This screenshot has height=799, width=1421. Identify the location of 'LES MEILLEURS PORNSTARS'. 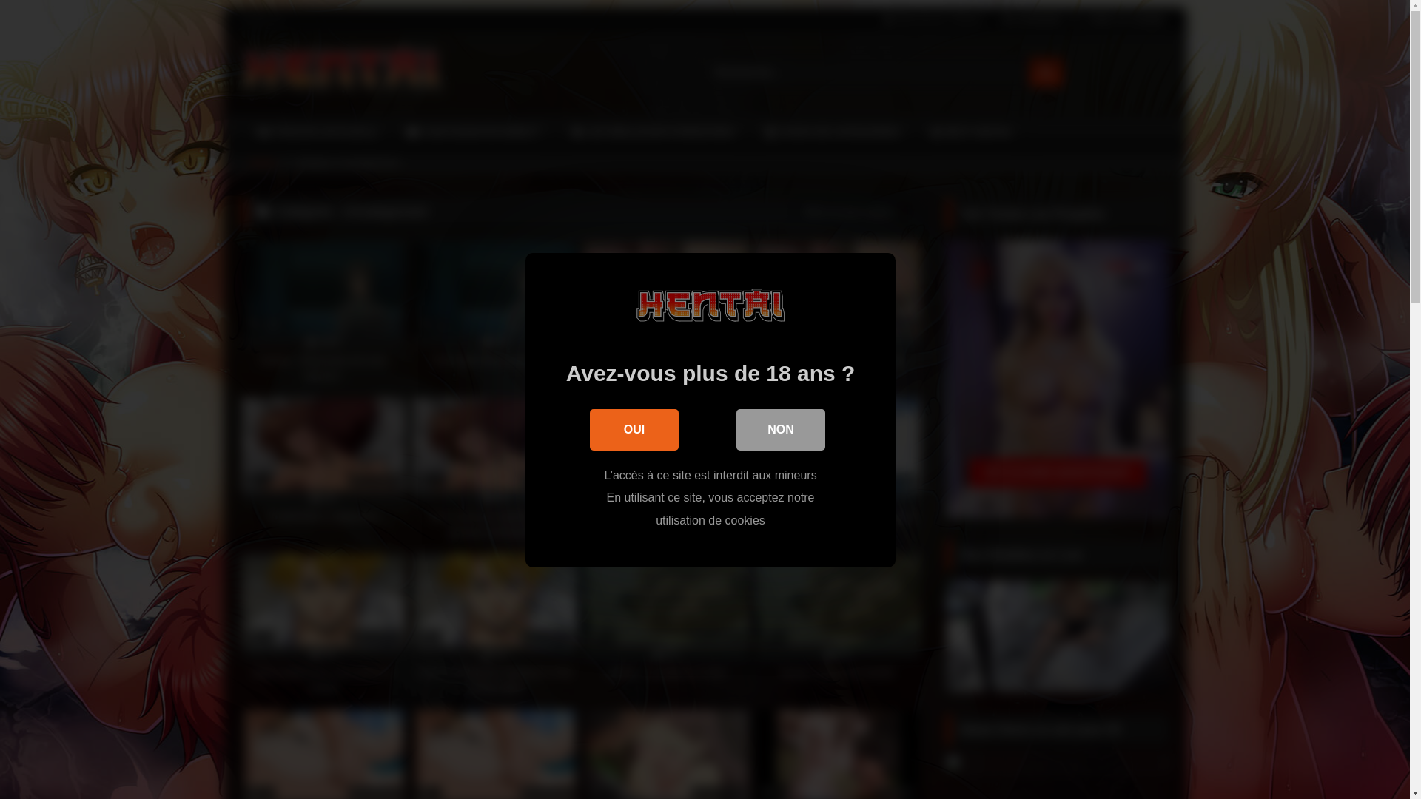
(652, 131).